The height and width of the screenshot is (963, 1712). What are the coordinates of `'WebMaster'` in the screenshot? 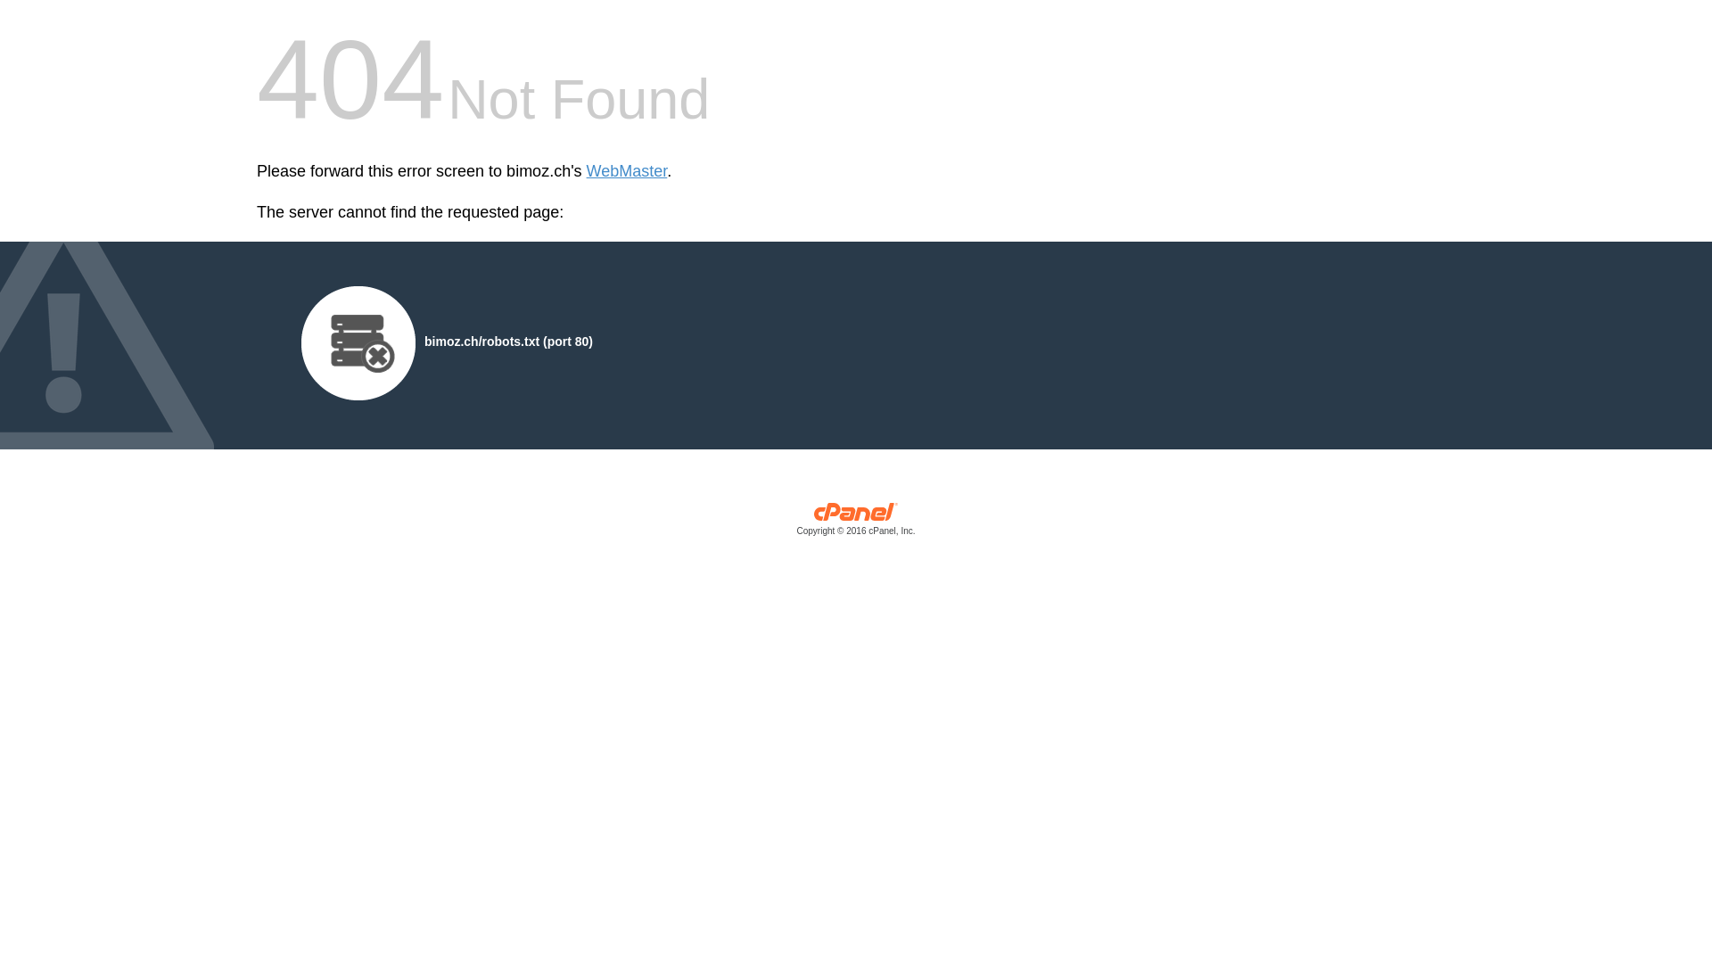 It's located at (586, 171).